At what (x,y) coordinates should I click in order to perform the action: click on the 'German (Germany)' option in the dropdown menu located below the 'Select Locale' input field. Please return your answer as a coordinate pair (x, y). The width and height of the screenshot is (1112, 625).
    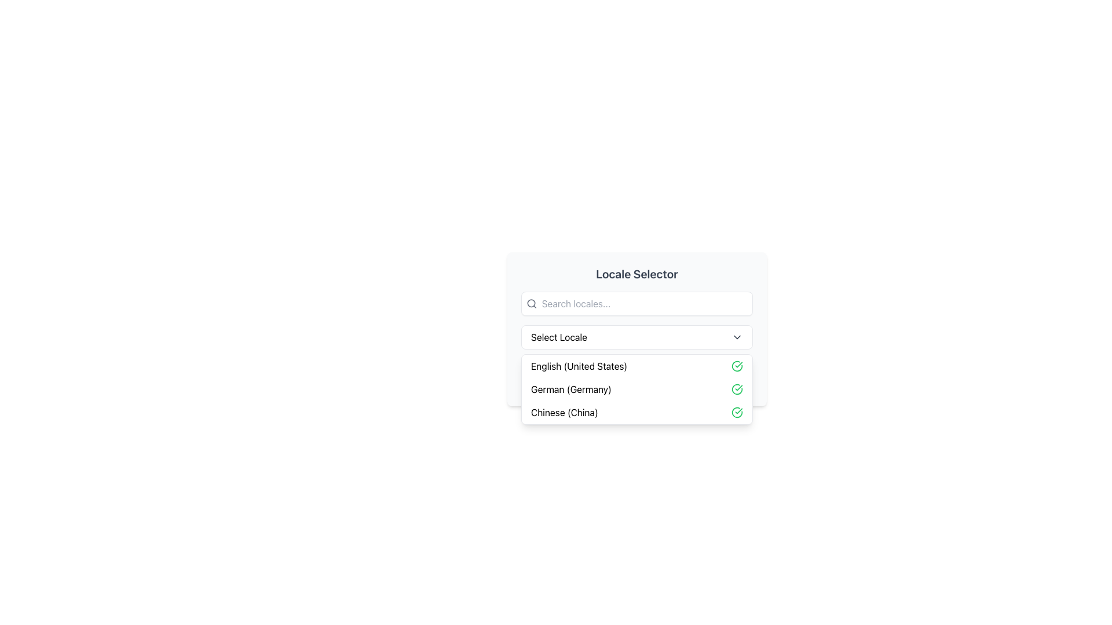
    Looking at the image, I should click on (636, 389).